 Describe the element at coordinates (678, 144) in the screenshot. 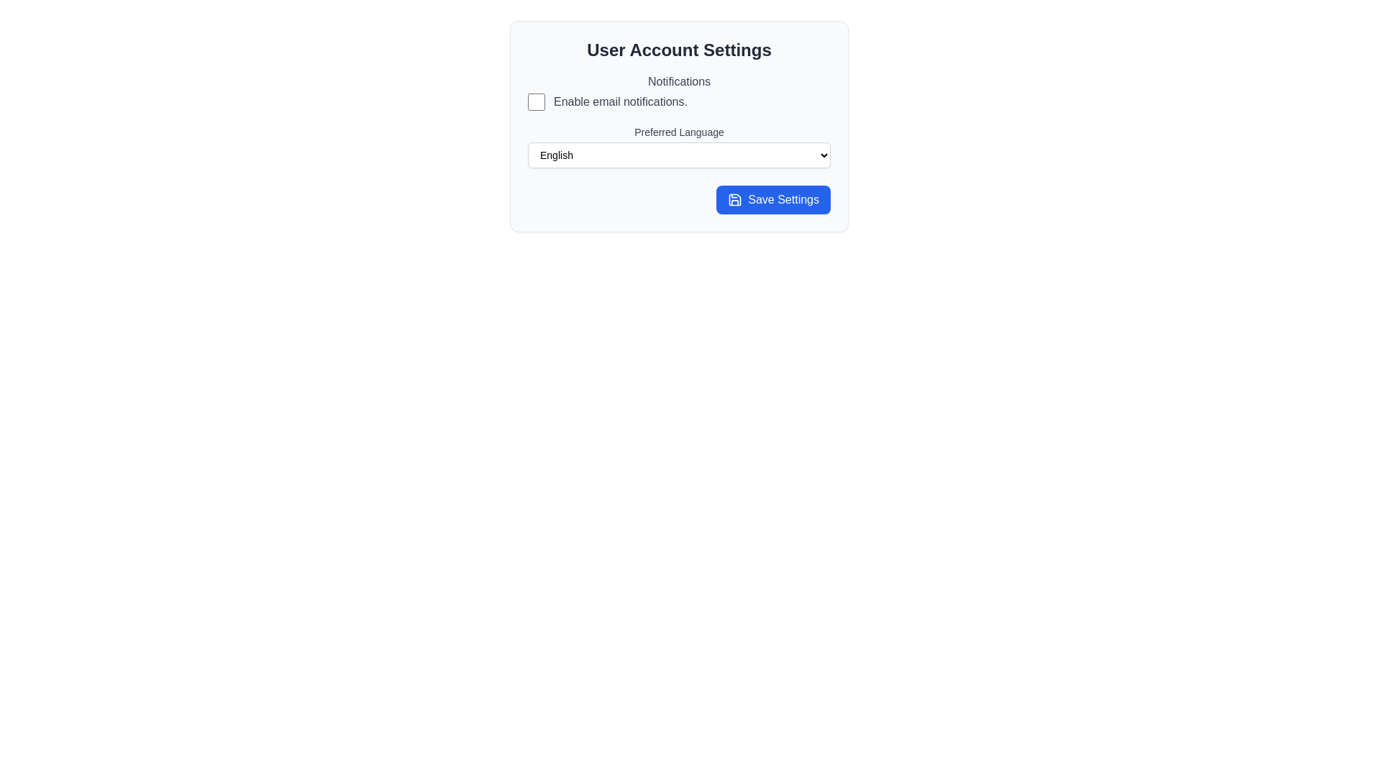

I see `an option from the 'Preferred Language' dropdown menu located in the 'User Account Settings' form, specifically under the 'Notifications' label` at that location.